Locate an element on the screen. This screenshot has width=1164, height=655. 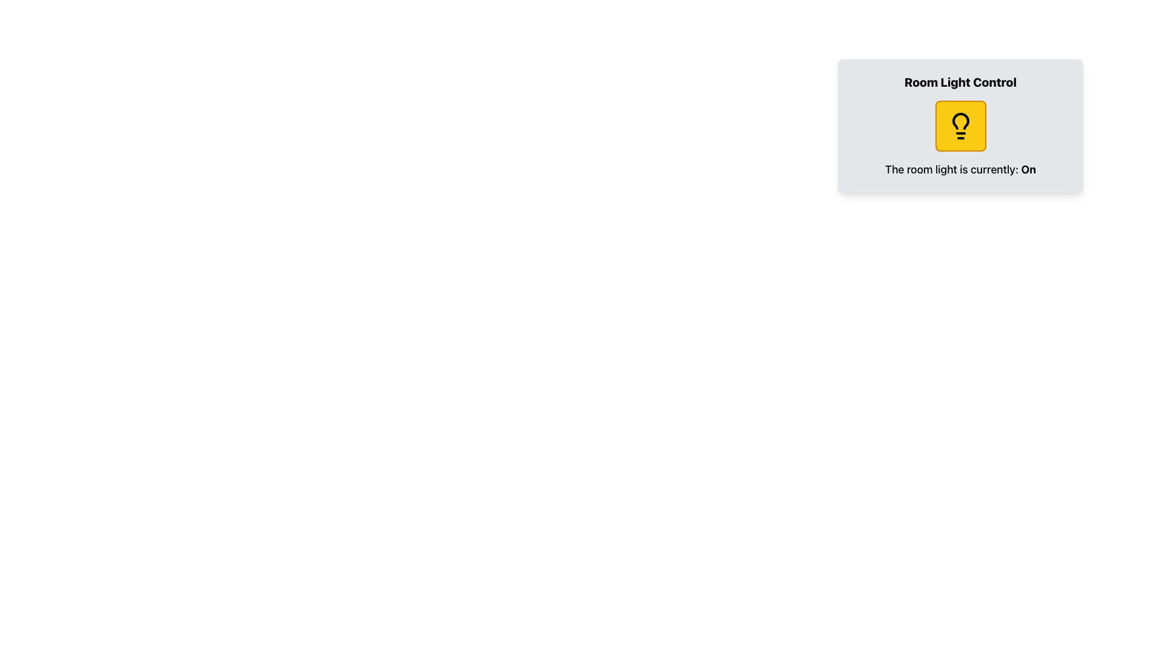
the interactive information panel displaying the text 'The room light is currently: On' with the yellow lightbulb icon above it is located at coordinates (960, 139).